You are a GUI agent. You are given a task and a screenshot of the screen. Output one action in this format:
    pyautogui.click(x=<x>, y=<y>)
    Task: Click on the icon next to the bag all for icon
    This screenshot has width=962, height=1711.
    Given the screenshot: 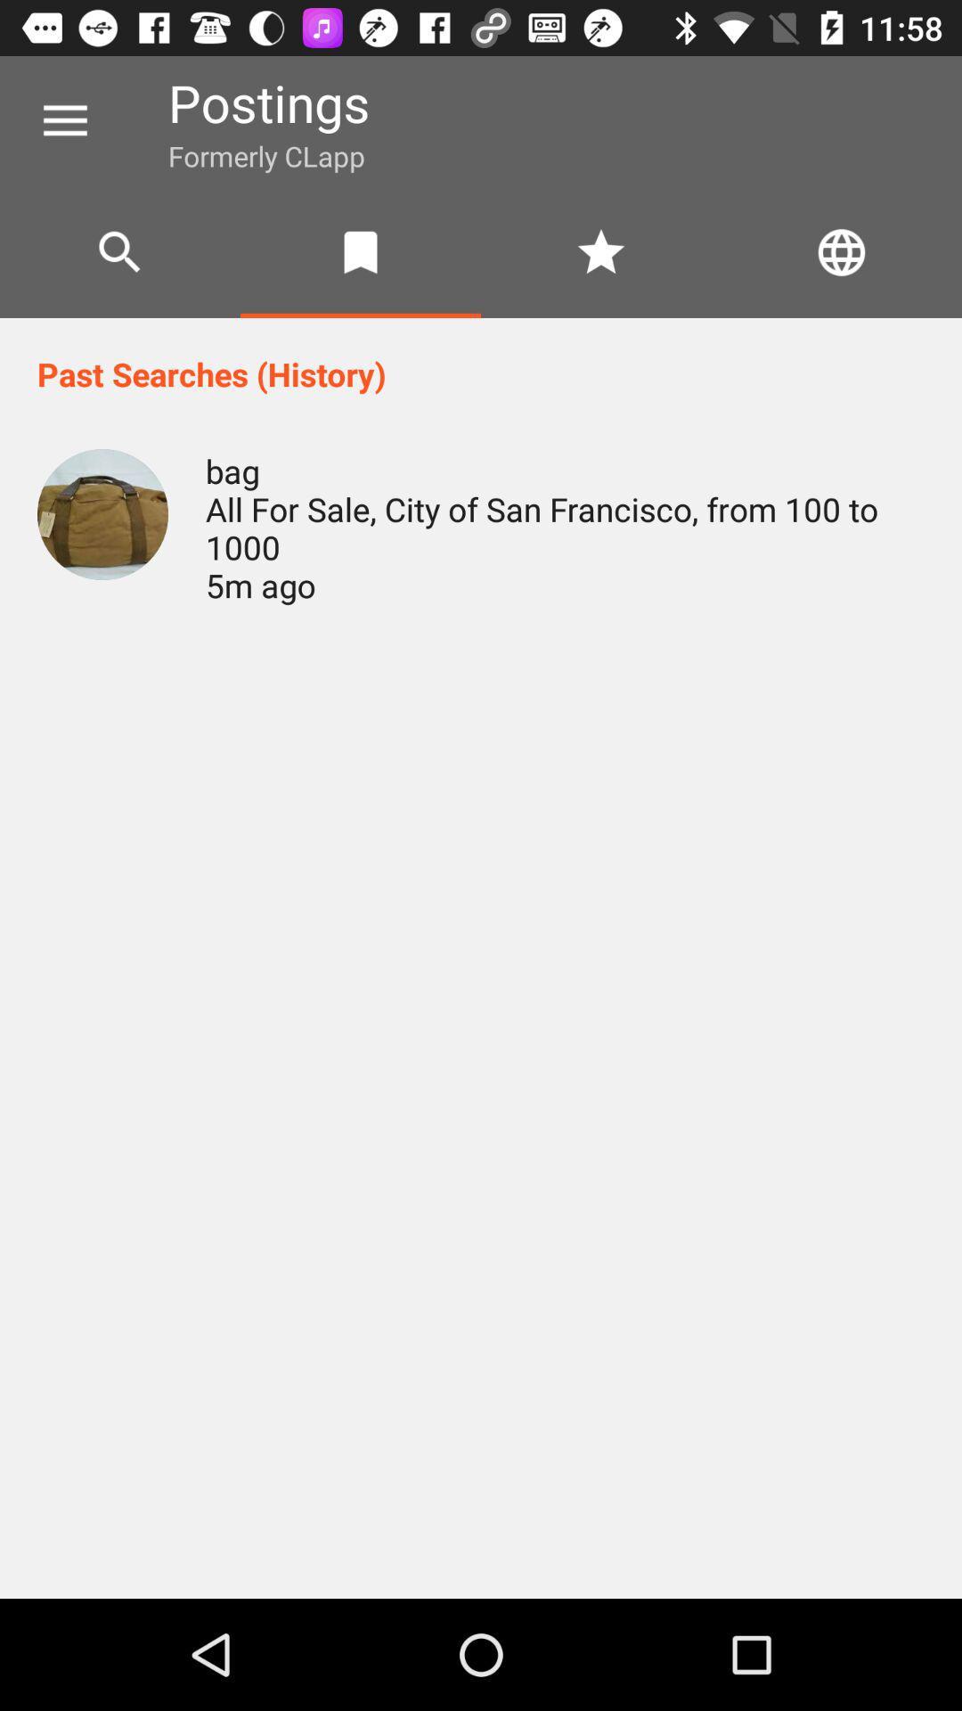 What is the action you would take?
    pyautogui.click(x=102, y=513)
    